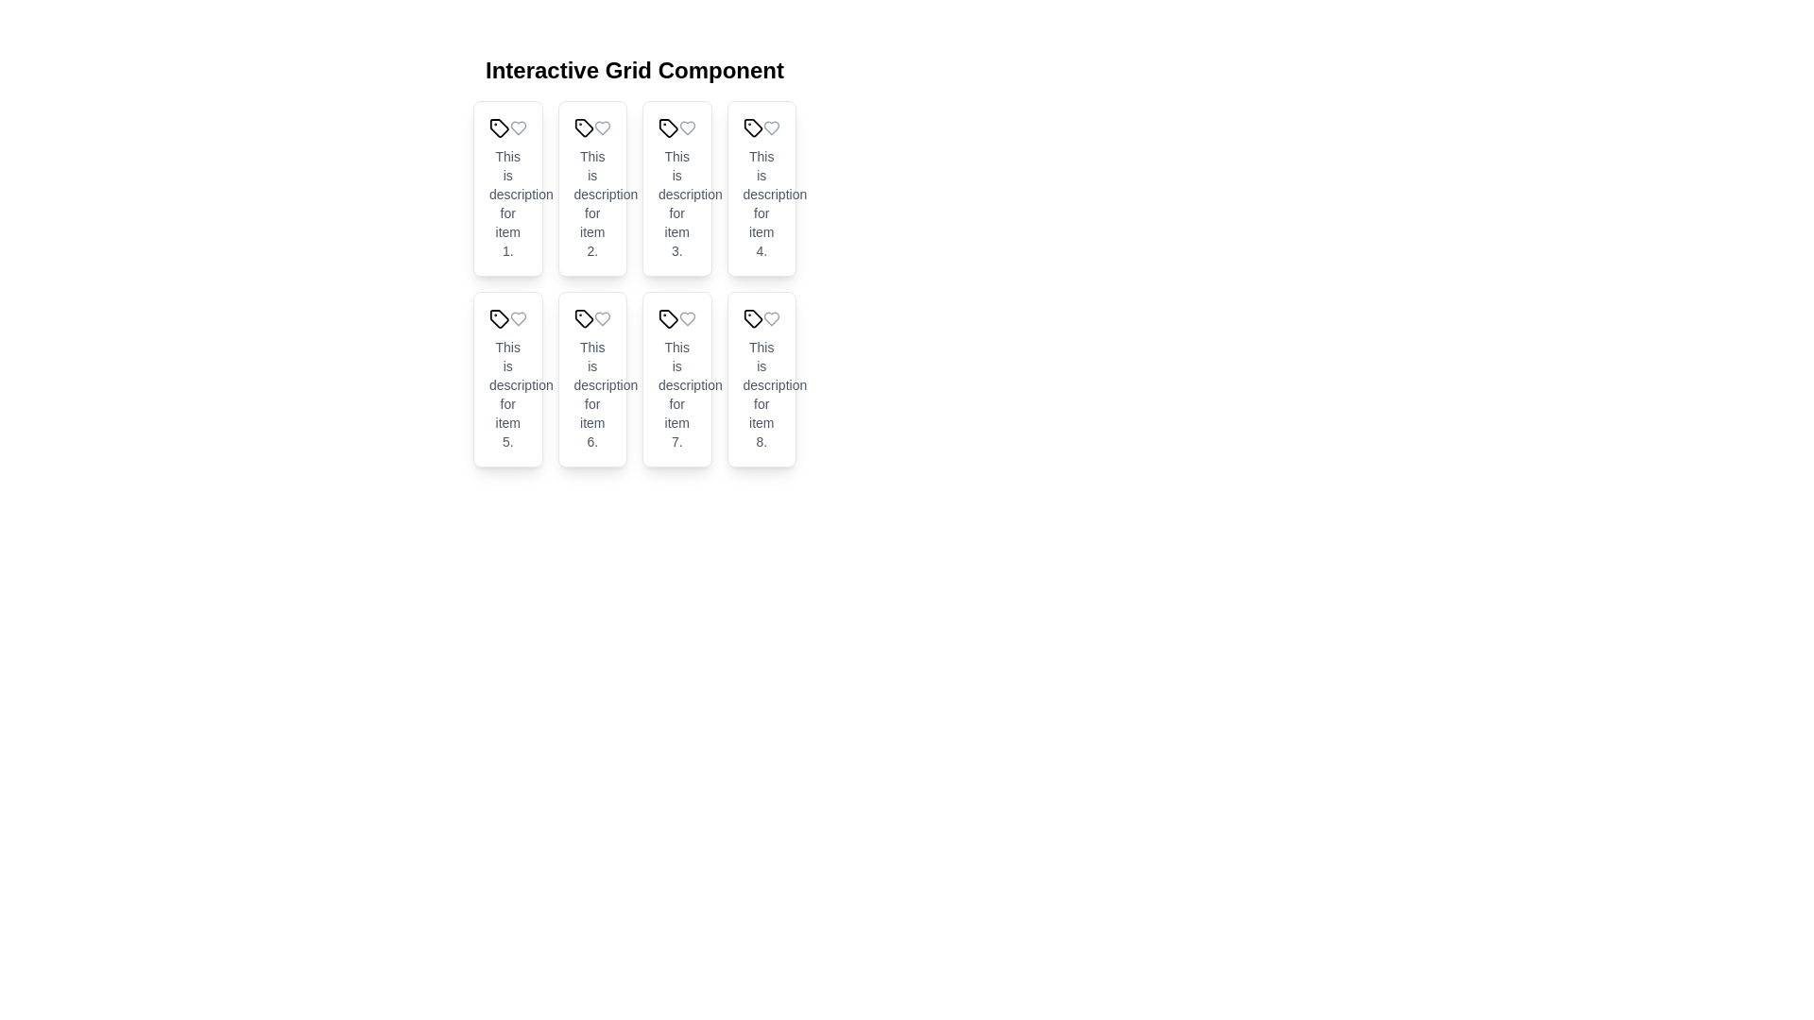 The image size is (1814, 1020). What do you see at coordinates (507, 318) in the screenshot?
I see `the icon with a tag symbol, located in the fifth card of the grid layout, positioned above the card description text` at bounding box center [507, 318].